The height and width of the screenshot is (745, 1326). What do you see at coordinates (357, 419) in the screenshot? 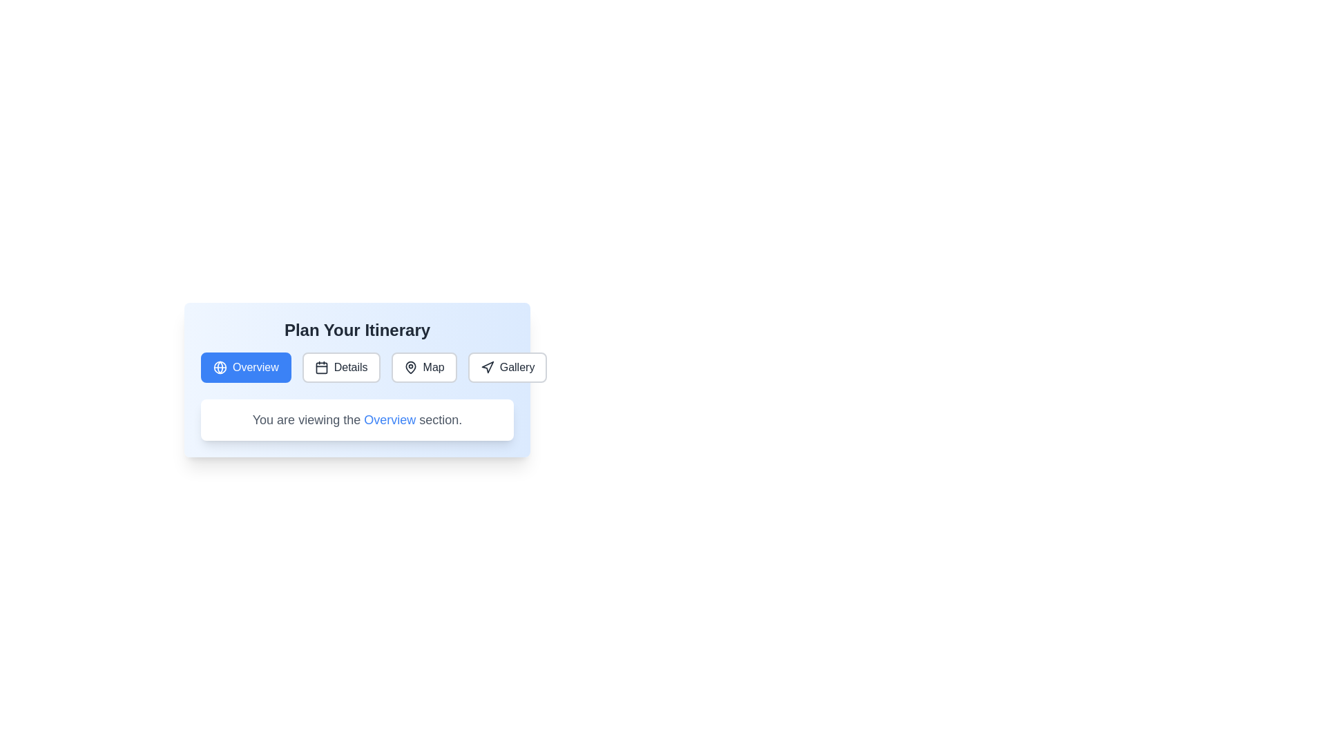
I see `the informational static text located below the navigation buttons labeled 'Overview', 'Details', 'Map', and 'Gallery', which provides a message about the current section being viewed` at bounding box center [357, 419].